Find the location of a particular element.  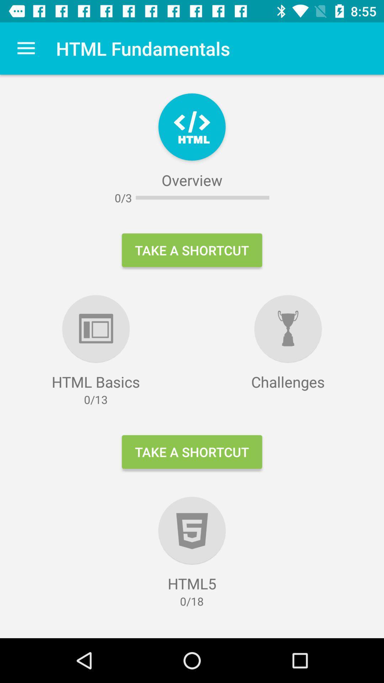

icon above the html basics icon is located at coordinates (26, 48).